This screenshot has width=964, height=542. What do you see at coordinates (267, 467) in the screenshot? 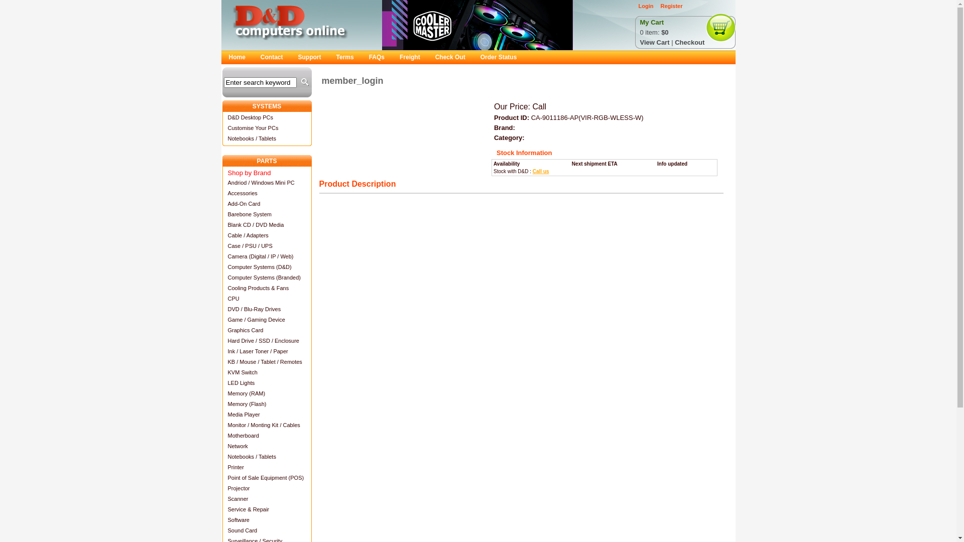
I see `'Printer'` at bounding box center [267, 467].